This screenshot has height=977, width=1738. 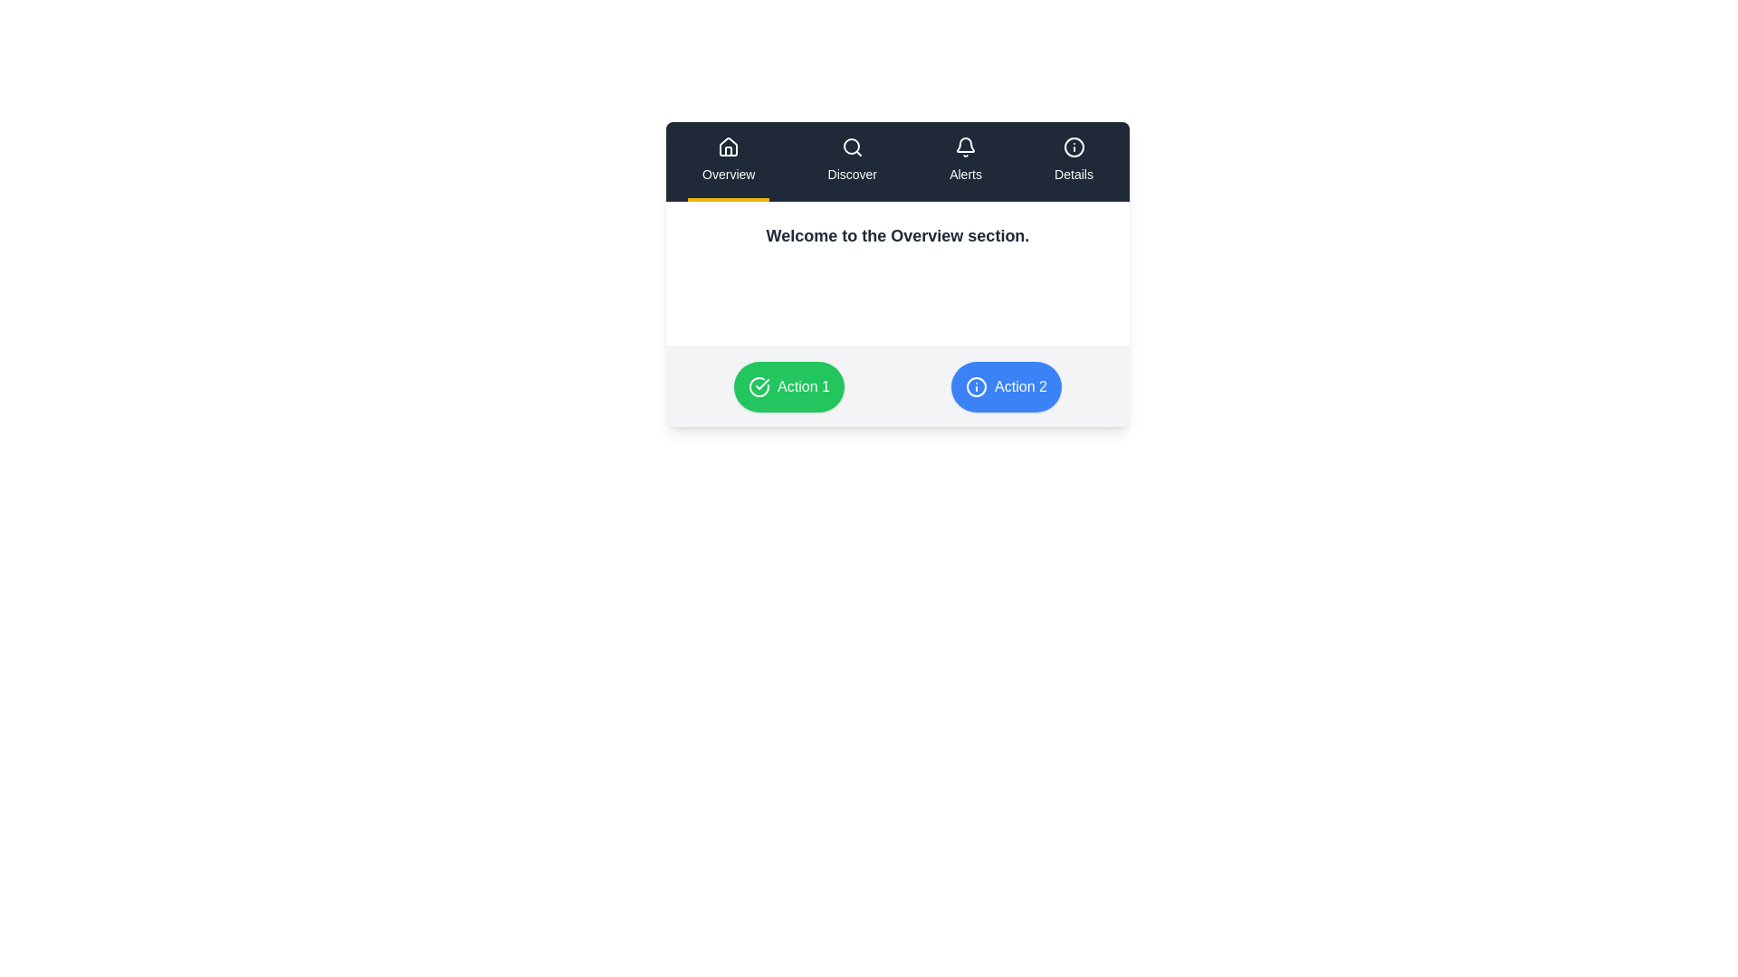 What do you see at coordinates (729, 174) in the screenshot?
I see `the 'Overview' text label within the navigation bar` at bounding box center [729, 174].